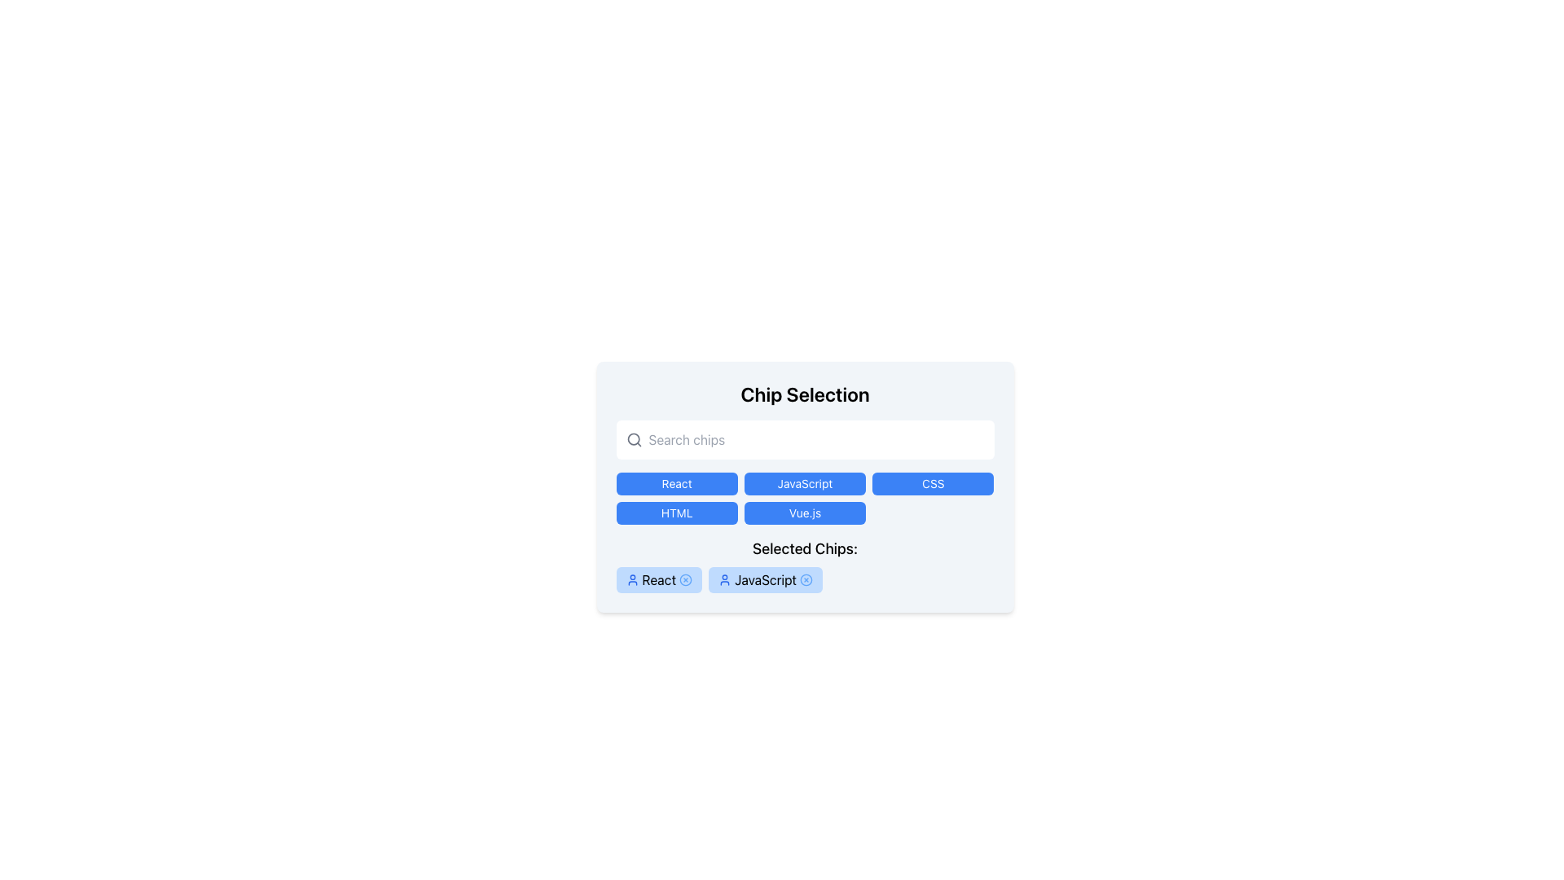 The width and height of the screenshot is (1564, 880). Describe the element at coordinates (686, 579) in the screenshot. I see `the Remove/Close icon button, which is a small circle with a cross mark in the center, located to the right of the 'React' text chip button in the 'Selected Chips' section` at that location.